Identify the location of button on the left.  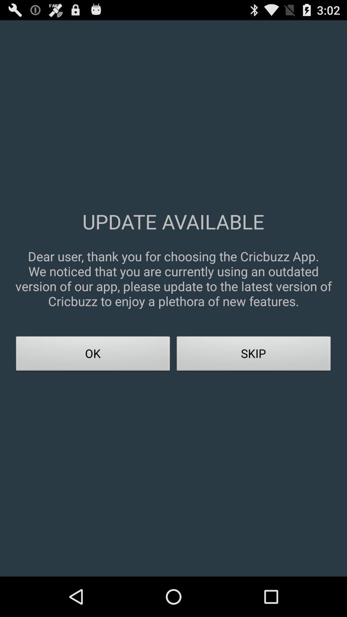
(93, 355).